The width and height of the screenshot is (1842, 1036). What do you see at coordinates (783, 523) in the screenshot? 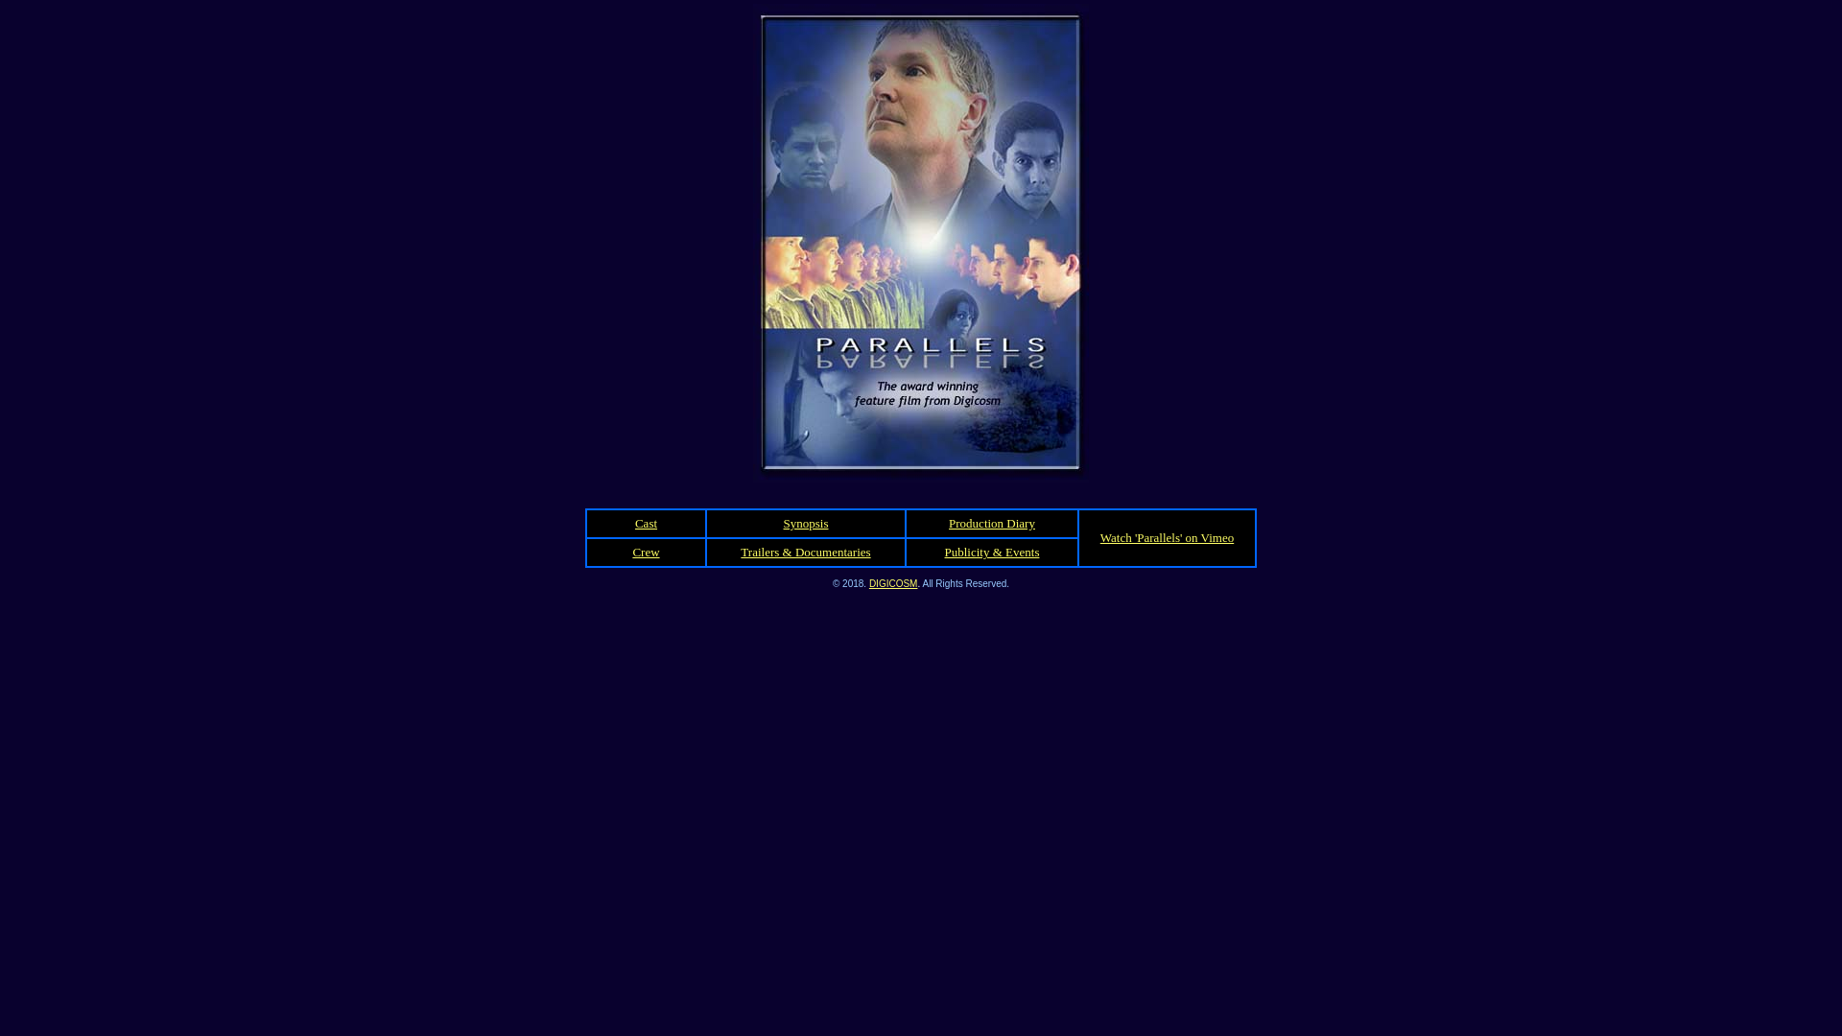
I see `'Synopsis'` at bounding box center [783, 523].